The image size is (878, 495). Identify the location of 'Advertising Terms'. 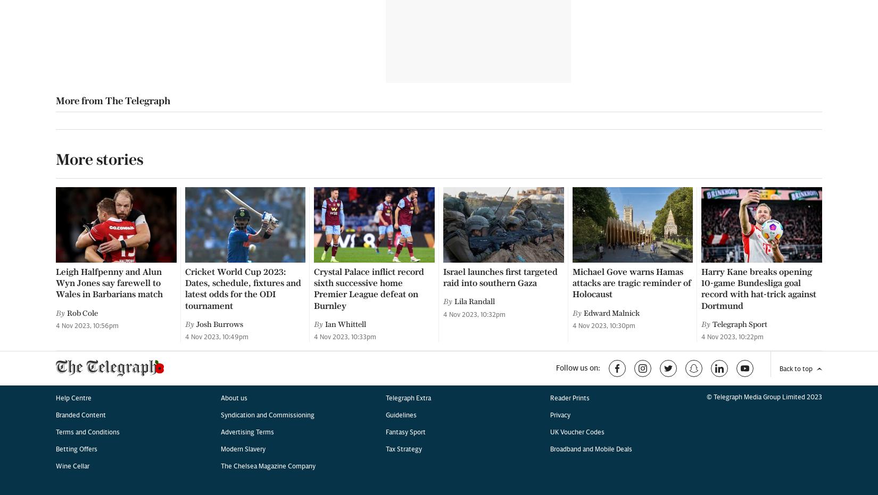
(246, 25).